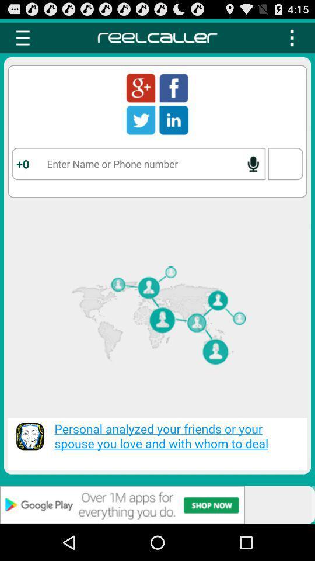 The image size is (315, 561). Describe the element at coordinates (291, 37) in the screenshot. I see `settings` at that location.